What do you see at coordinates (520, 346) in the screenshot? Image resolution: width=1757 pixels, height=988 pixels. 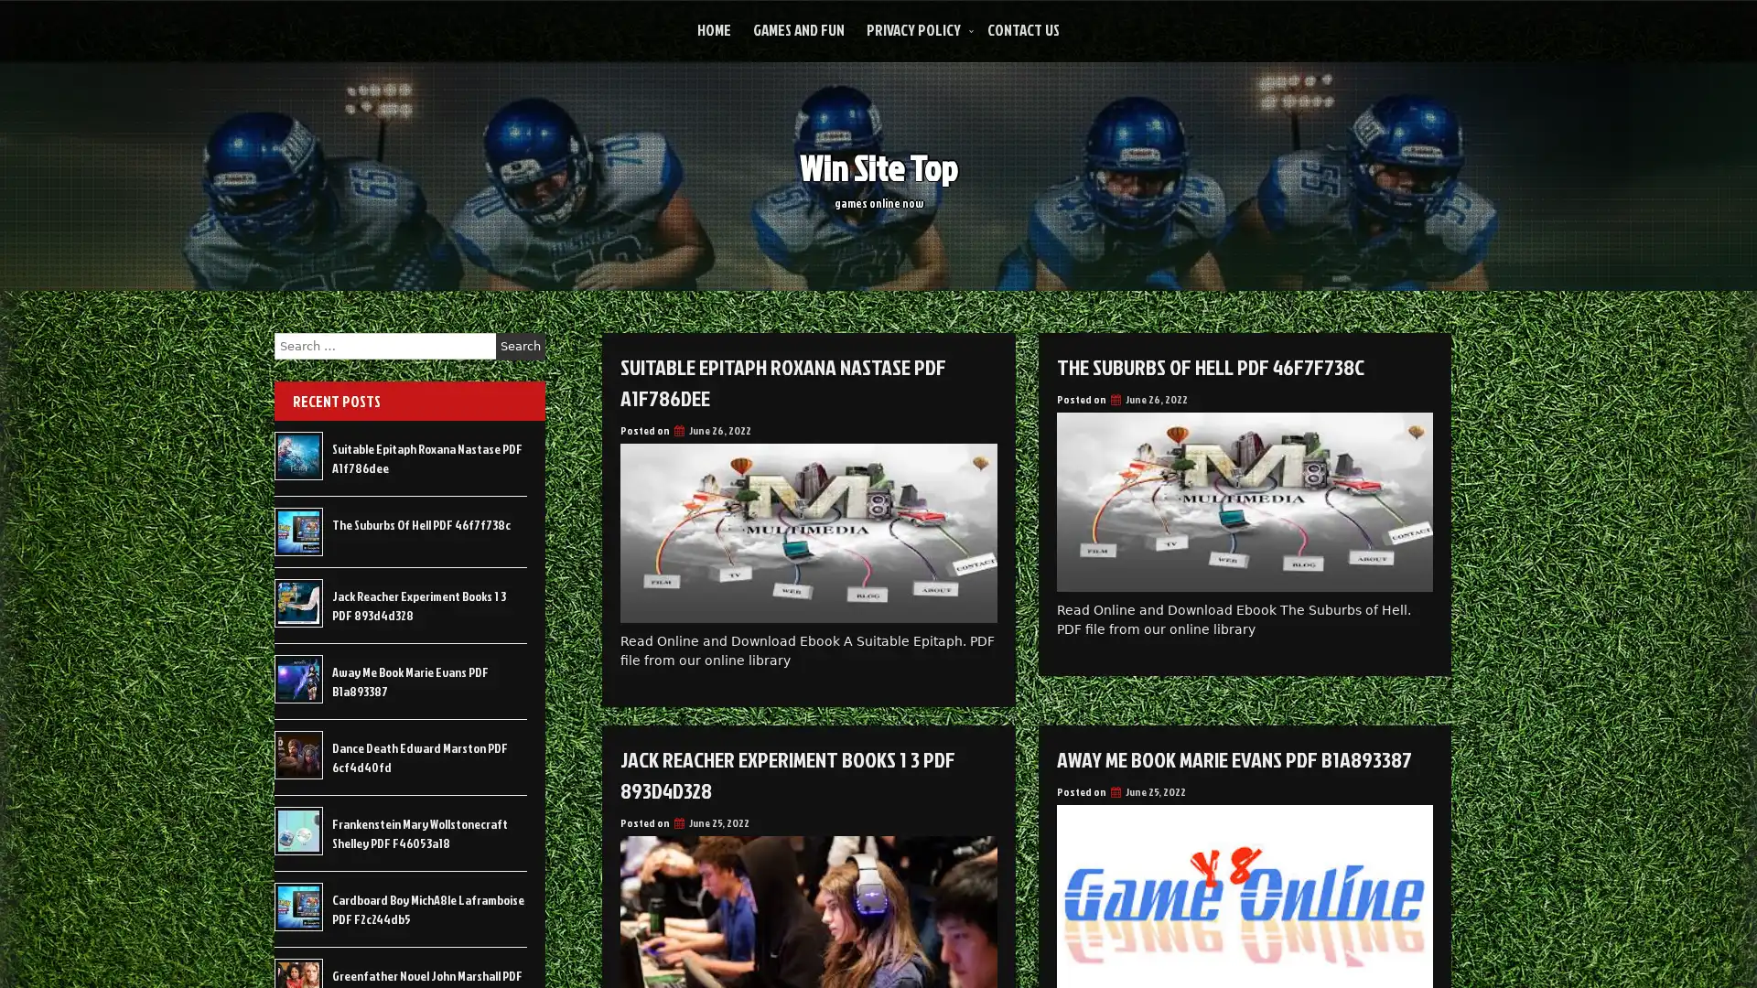 I see `Search` at bounding box center [520, 346].